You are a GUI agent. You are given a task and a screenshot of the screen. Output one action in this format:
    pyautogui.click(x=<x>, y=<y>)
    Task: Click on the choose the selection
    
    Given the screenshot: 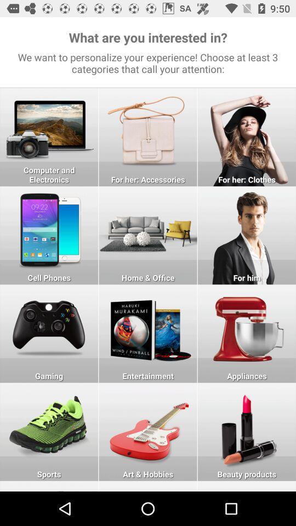 What is the action you would take?
    pyautogui.click(x=48, y=432)
    